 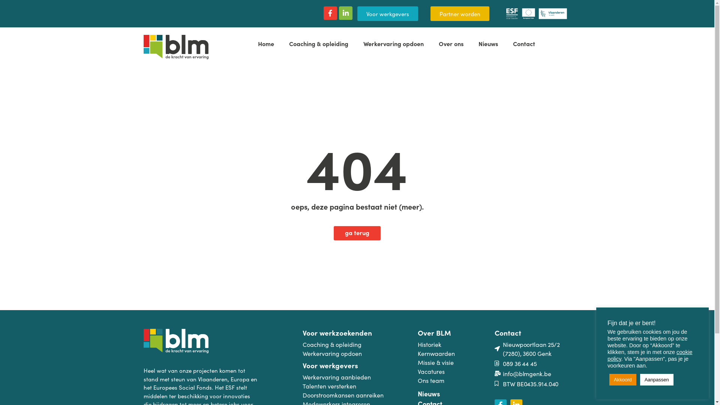 What do you see at coordinates (456, 371) in the screenshot?
I see `'Vacatures'` at bounding box center [456, 371].